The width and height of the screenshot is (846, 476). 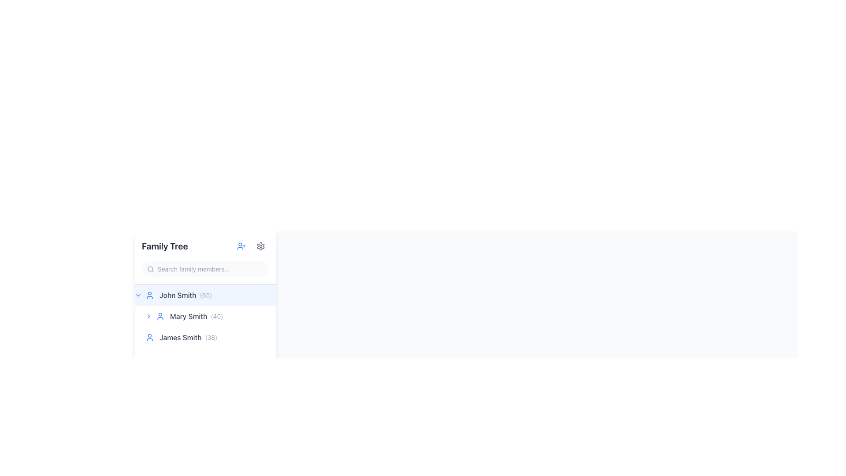 What do you see at coordinates (137, 295) in the screenshot?
I see `the Chevron Down icon located next to 'John Smith (65)'` at bounding box center [137, 295].